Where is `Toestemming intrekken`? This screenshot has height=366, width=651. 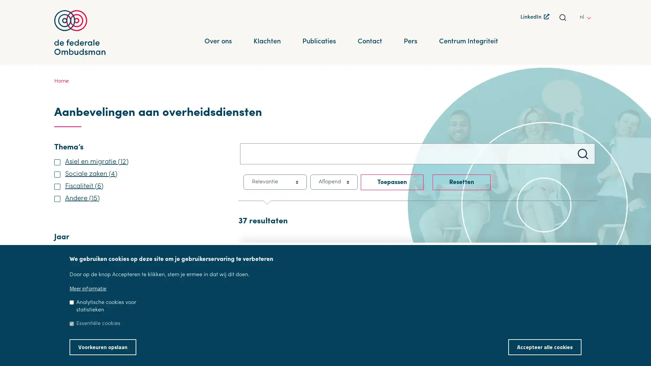
Toestemming intrekken is located at coordinates (590, 342).